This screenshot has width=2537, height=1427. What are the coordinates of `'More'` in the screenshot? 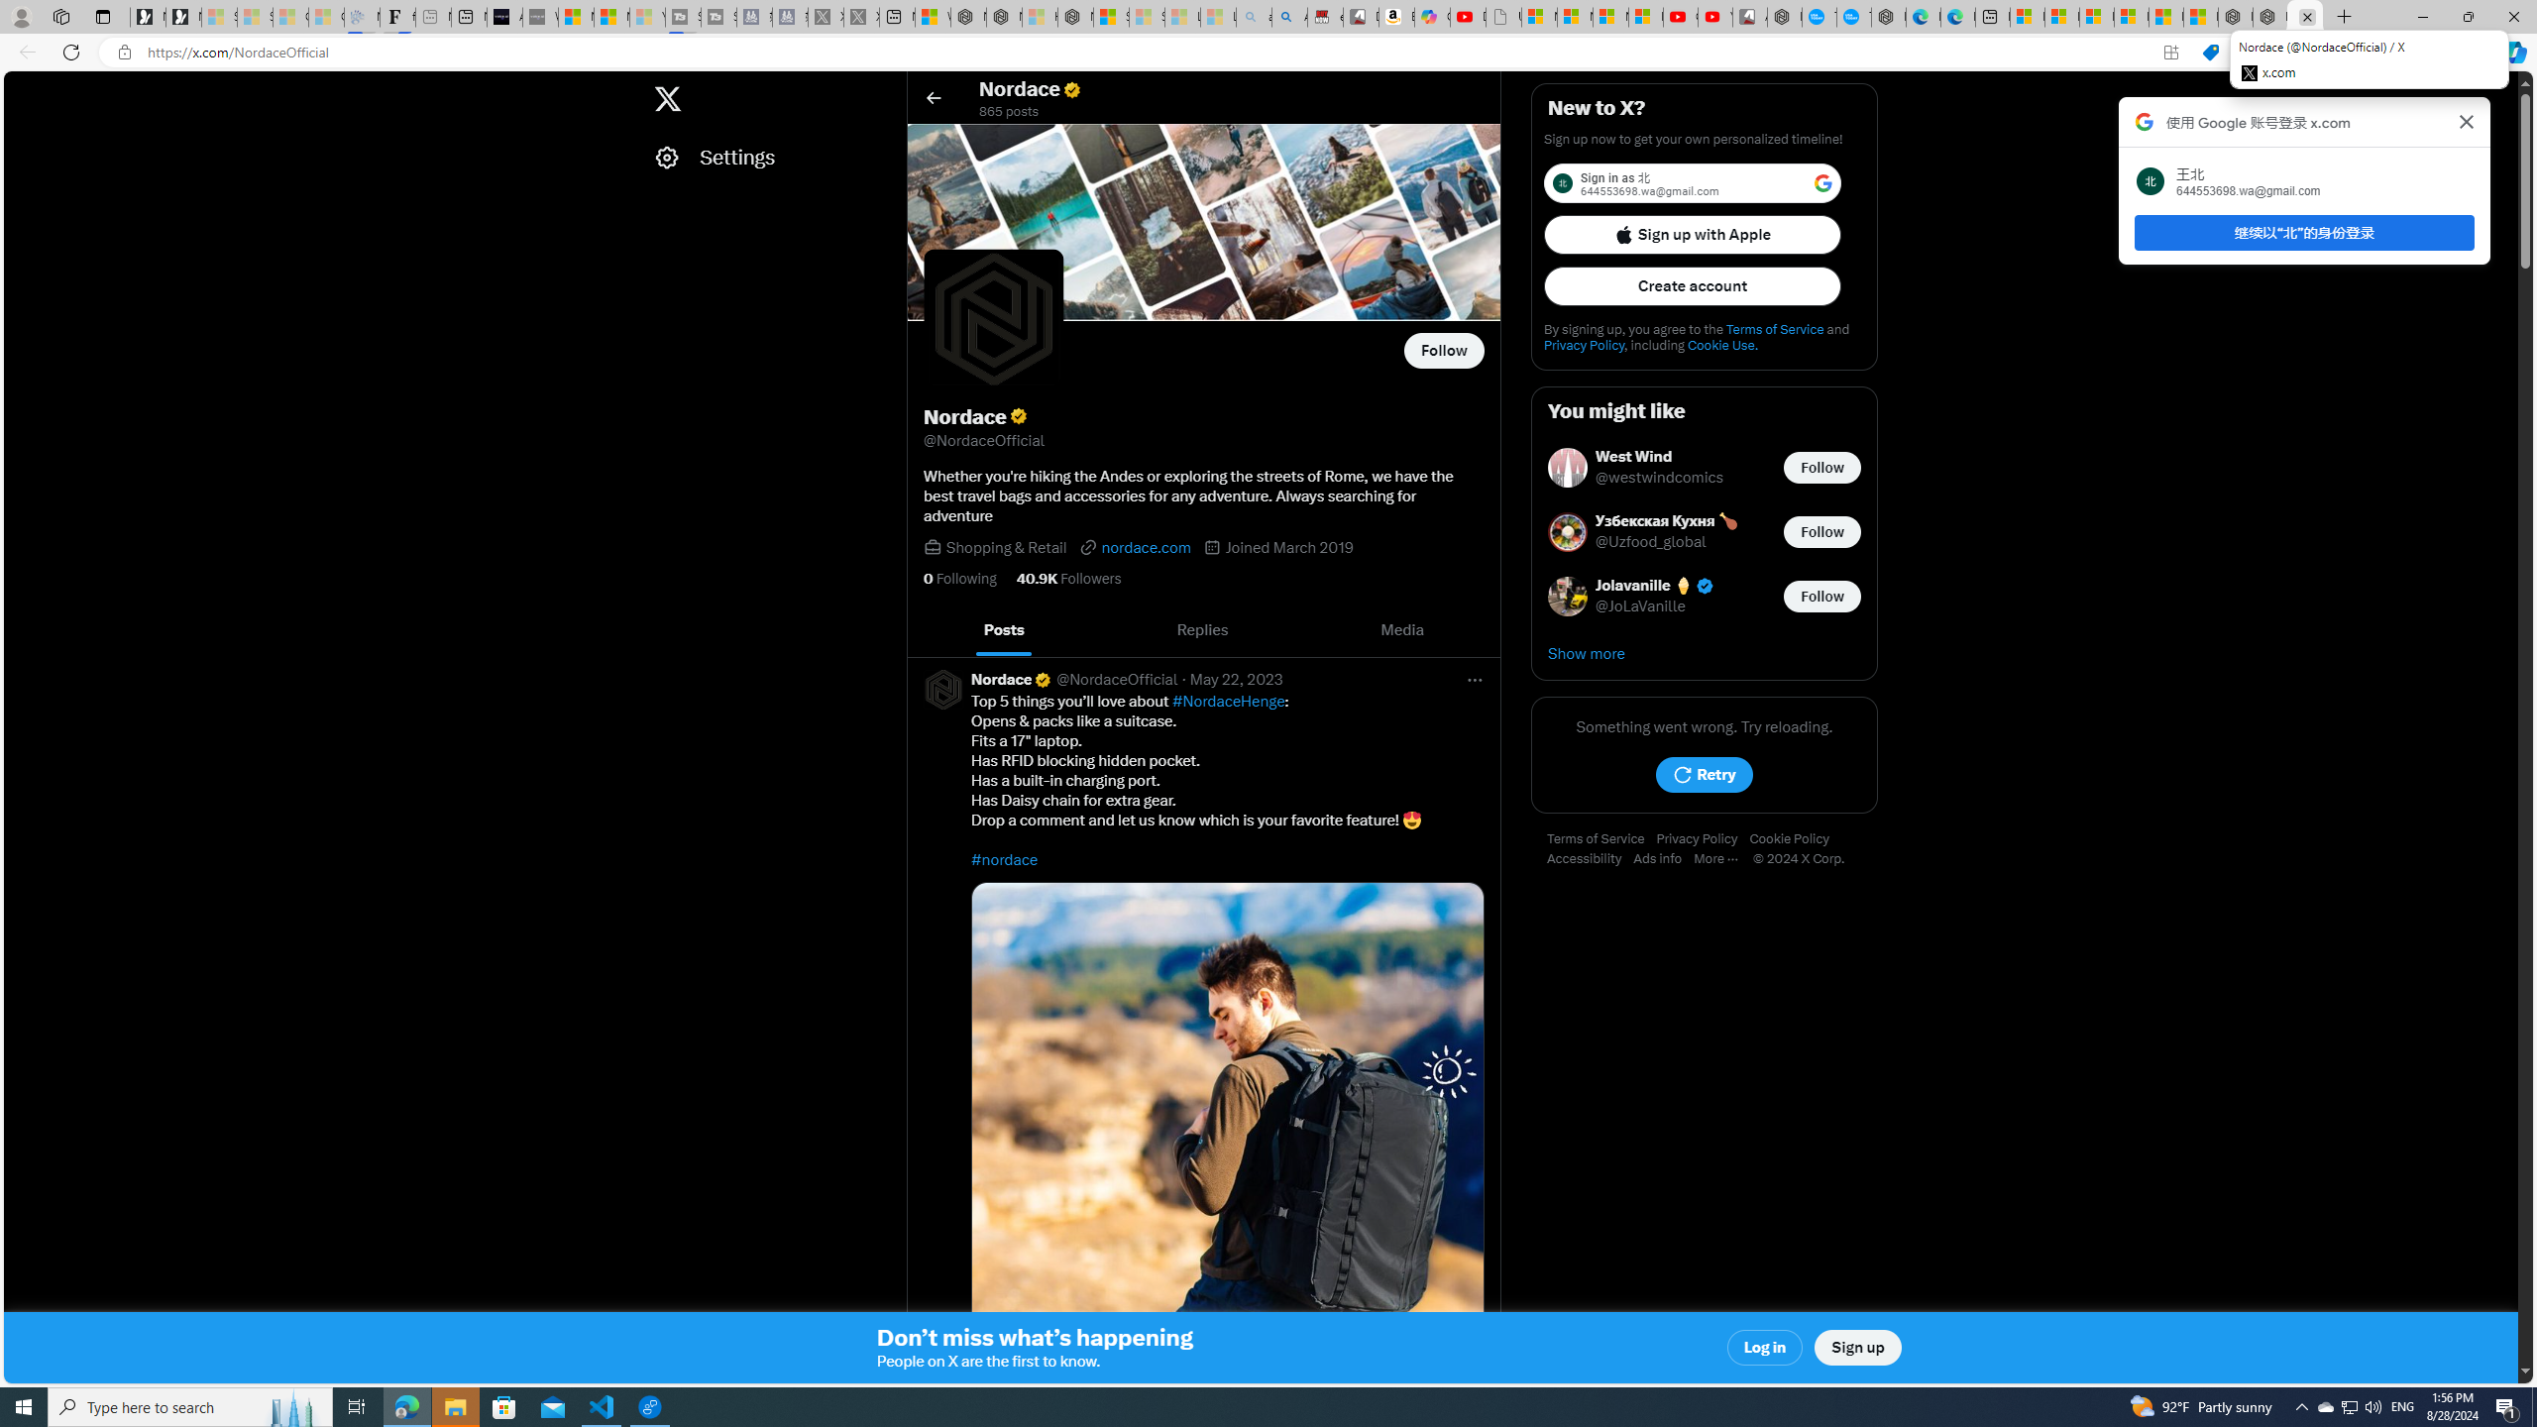 It's located at (1722, 858).